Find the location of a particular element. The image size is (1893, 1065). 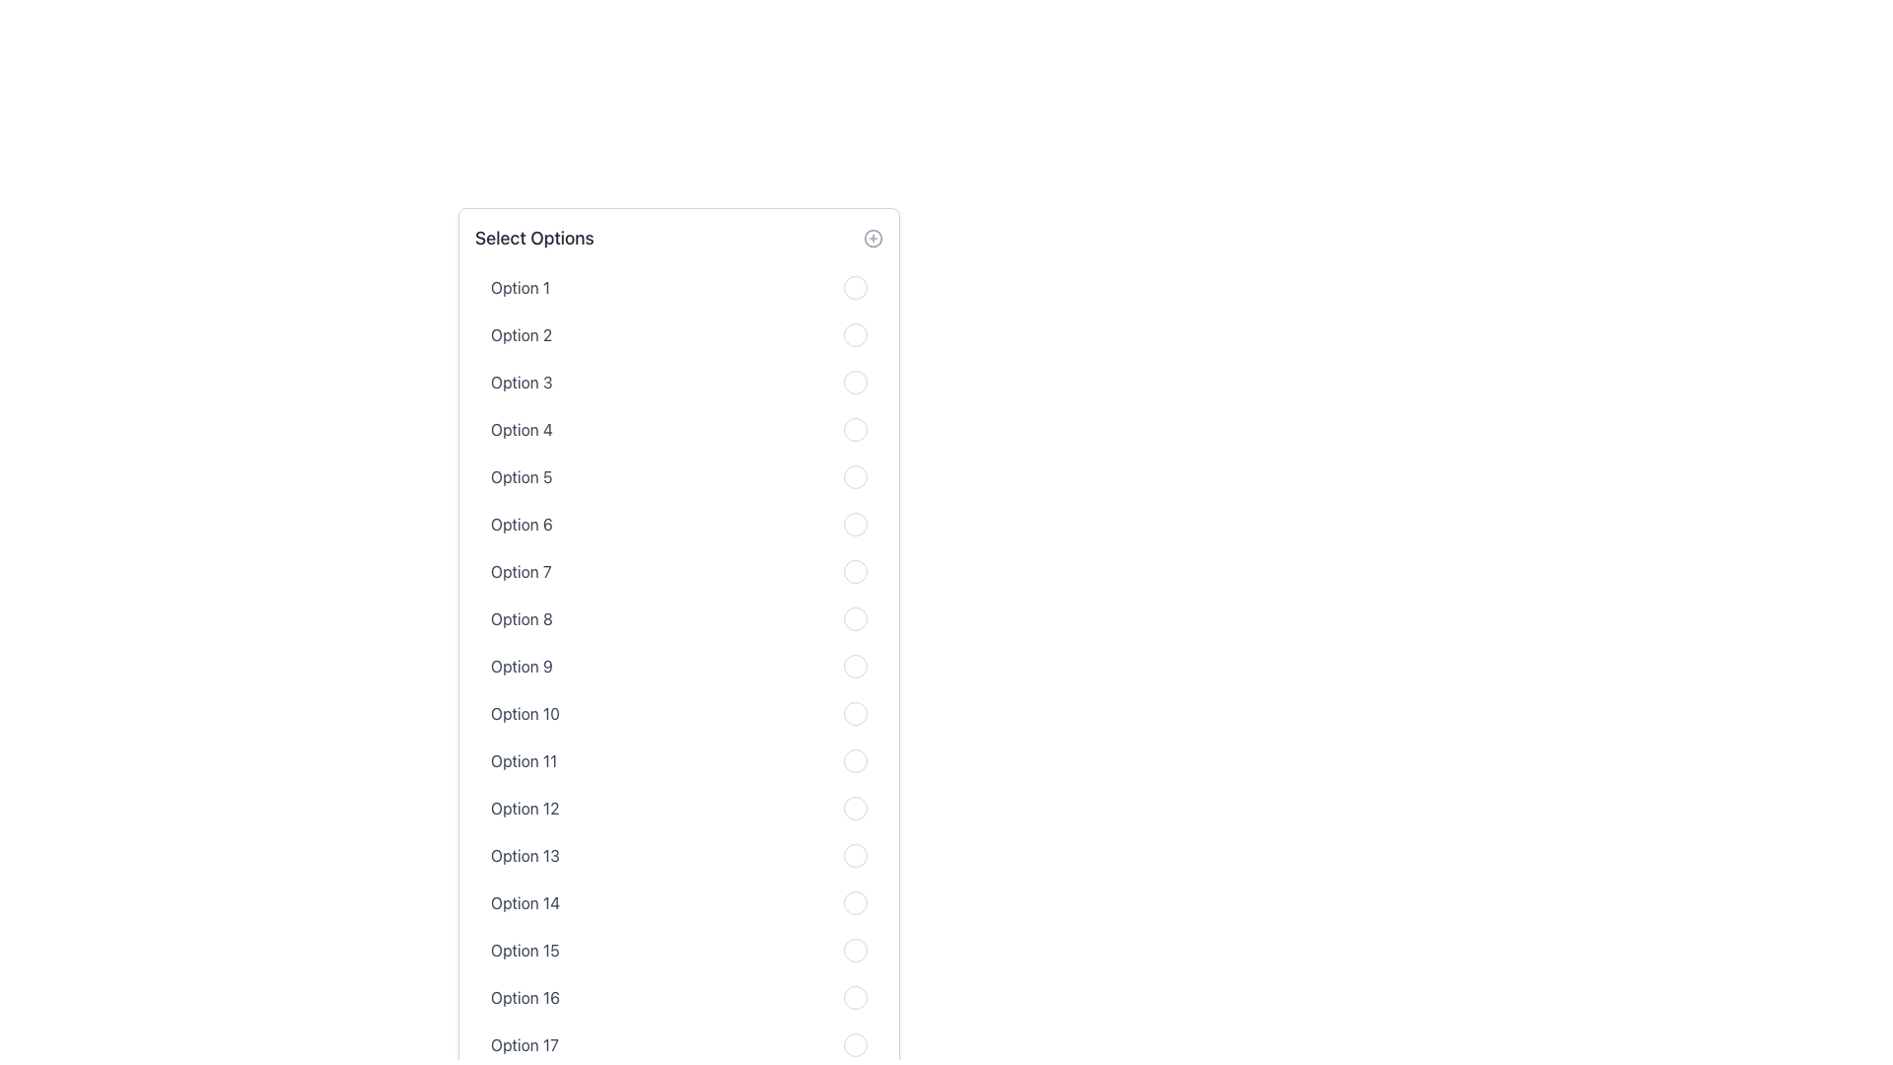

the radio button located adjacent to the text 'Option 14' is located at coordinates (856, 902).